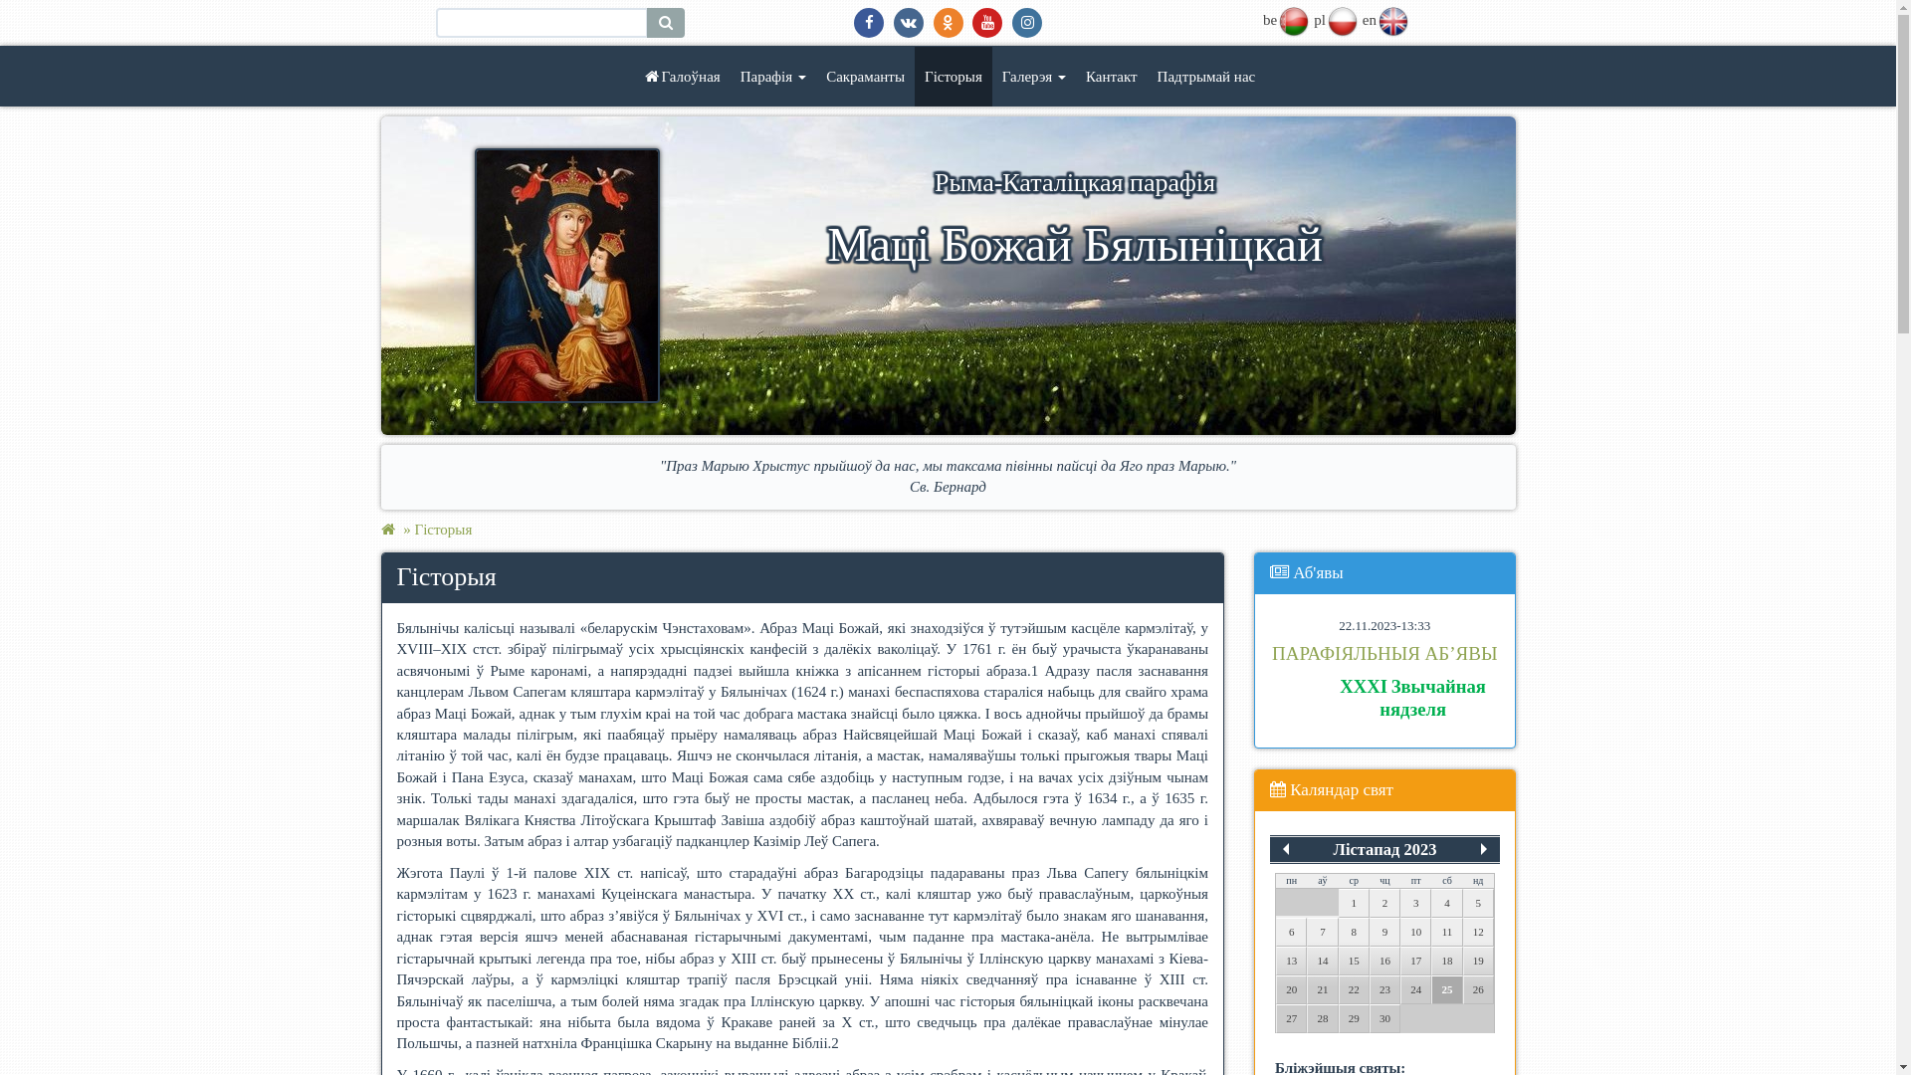 This screenshot has width=1911, height=1075. What do you see at coordinates (1414, 903) in the screenshot?
I see `'3'` at bounding box center [1414, 903].